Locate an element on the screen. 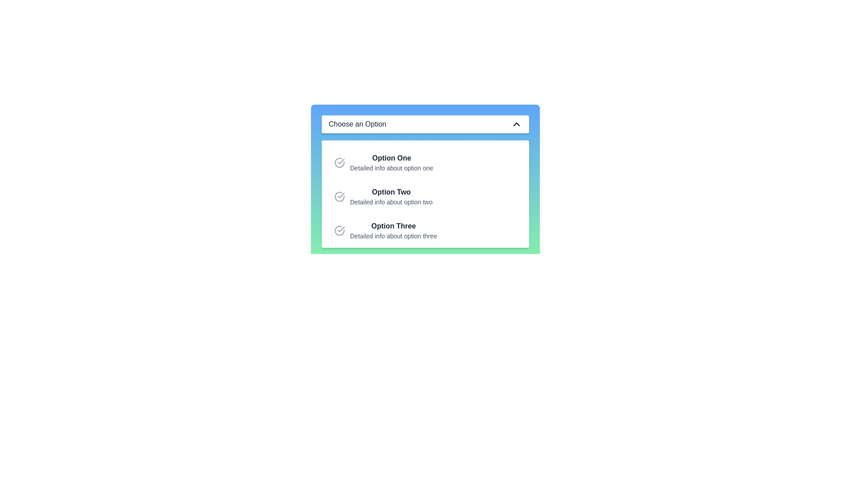 The width and height of the screenshot is (858, 483). the Decorative SVG component that visually represents status or type, located adjacent to 'Option One' in the dropdown menu is located at coordinates (339, 162).